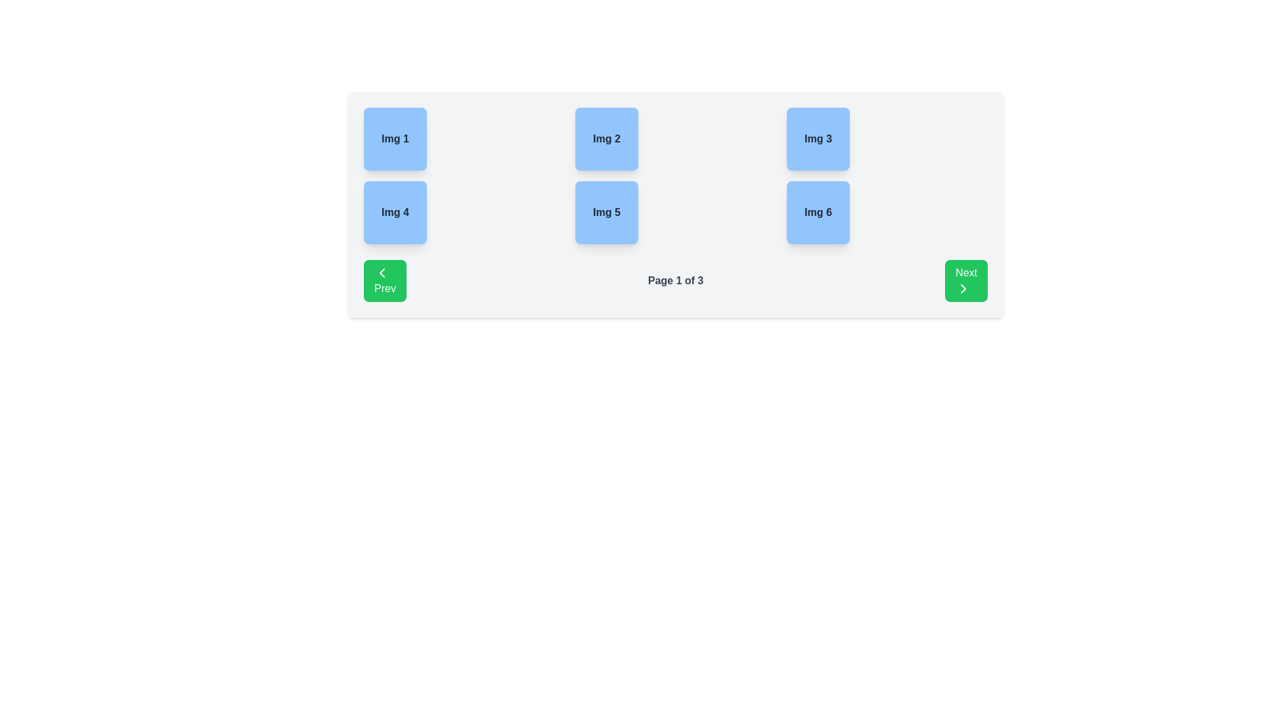 The height and width of the screenshot is (709, 1261). I want to click on the text label in the central card of the layout to interact with the associated card, so click(606, 139).